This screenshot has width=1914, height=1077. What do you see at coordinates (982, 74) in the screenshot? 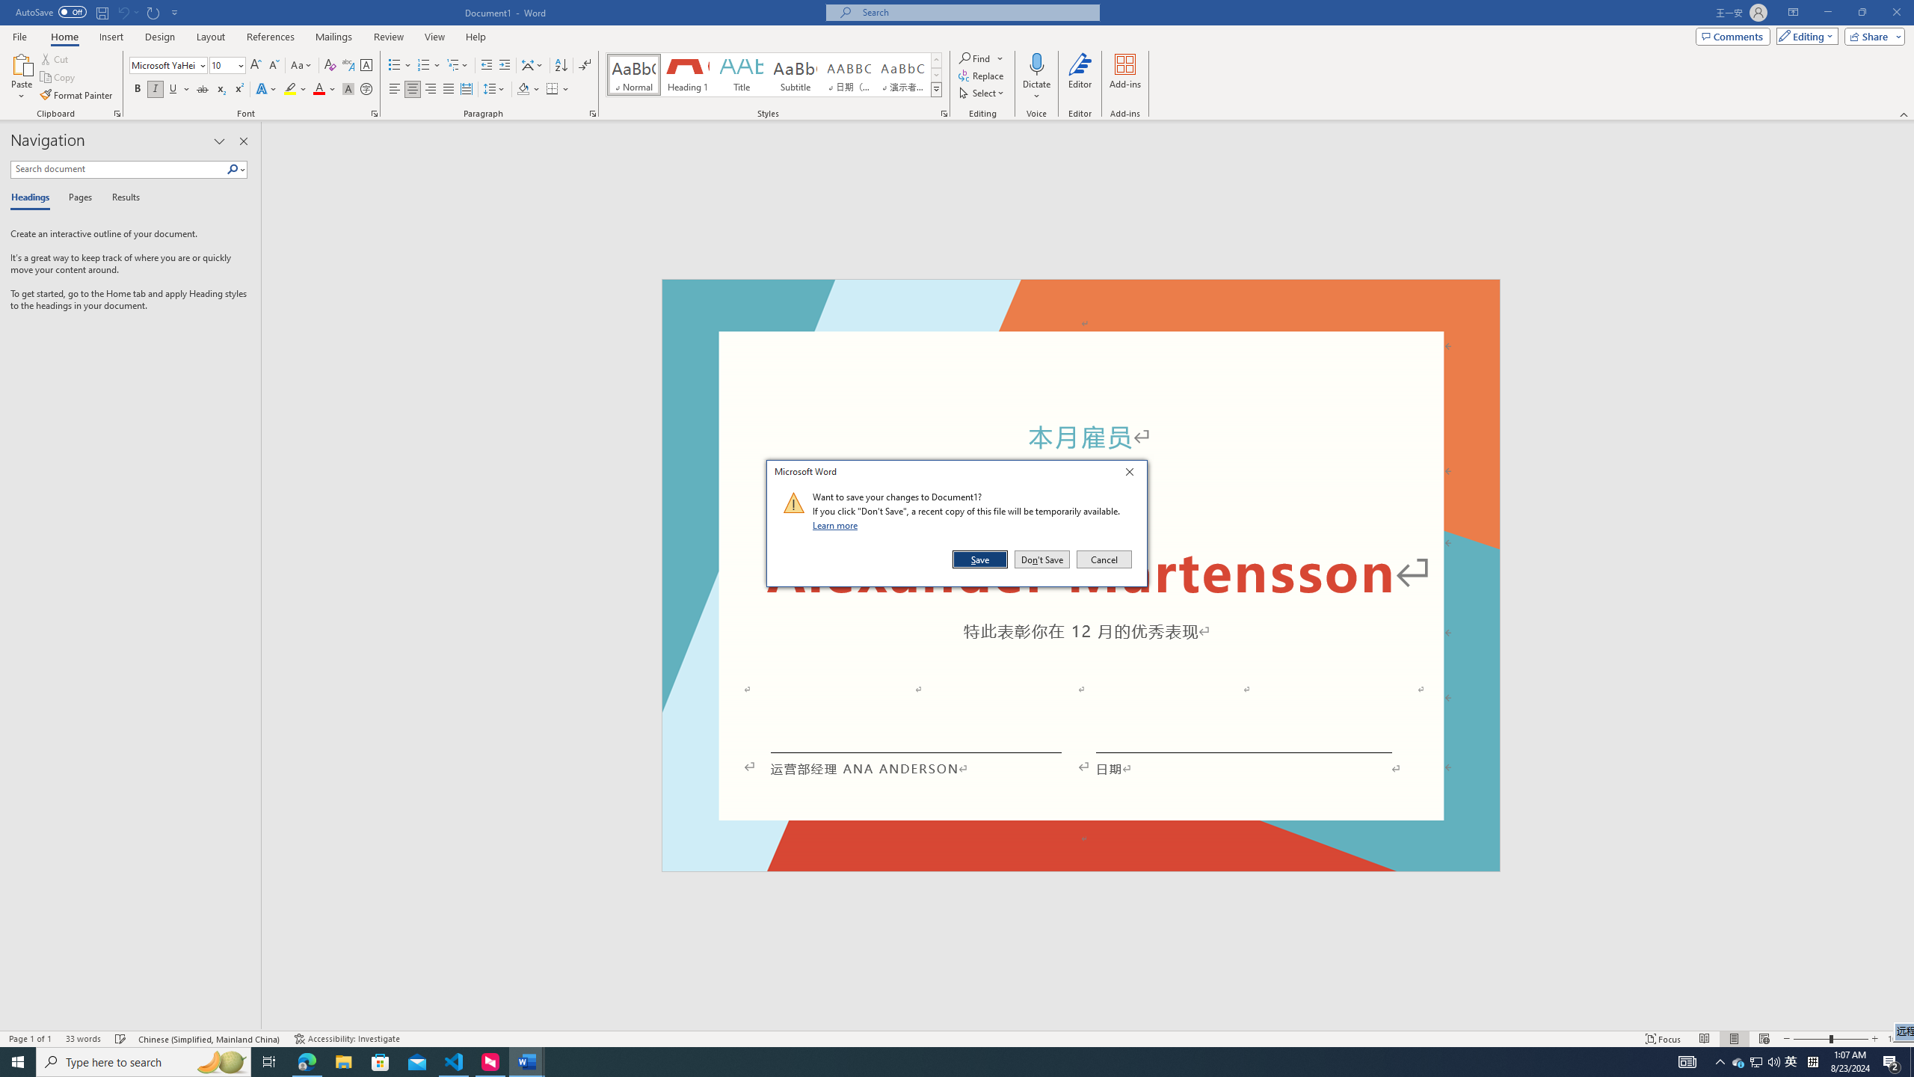
I see `'Replace...'` at bounding box center [982, 74].